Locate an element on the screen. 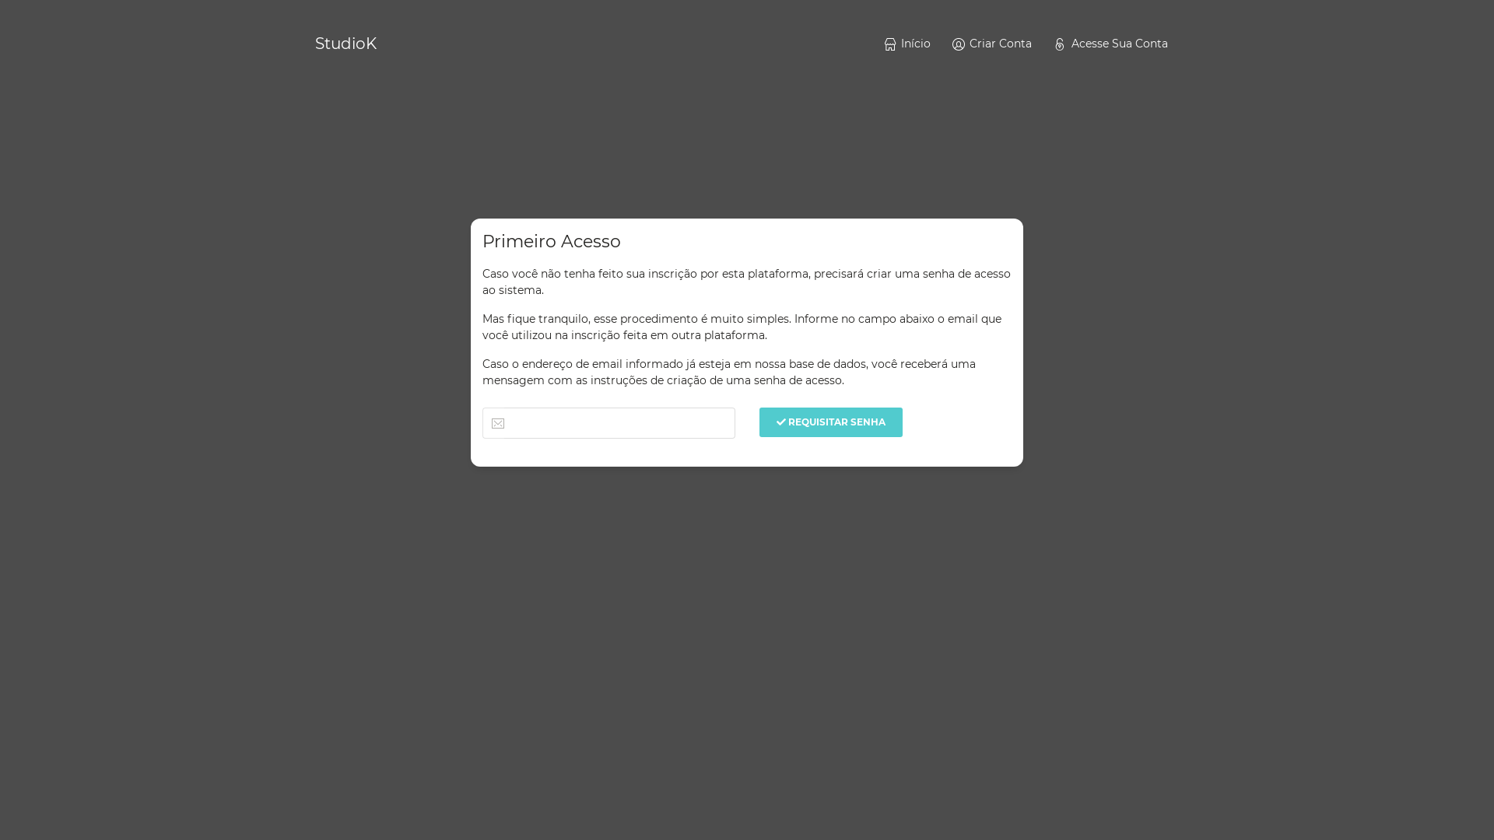 This screenshot has height=840, width=1494. 'REQUISITAR SENHA' is located at coordinates (829, 422).